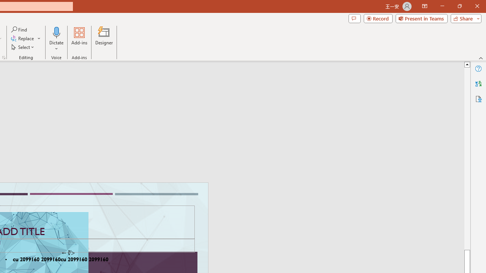 Image resolution: width=486 pixels, height=273 pixels. I want to click on 'Format Object...', so click(4, 57).